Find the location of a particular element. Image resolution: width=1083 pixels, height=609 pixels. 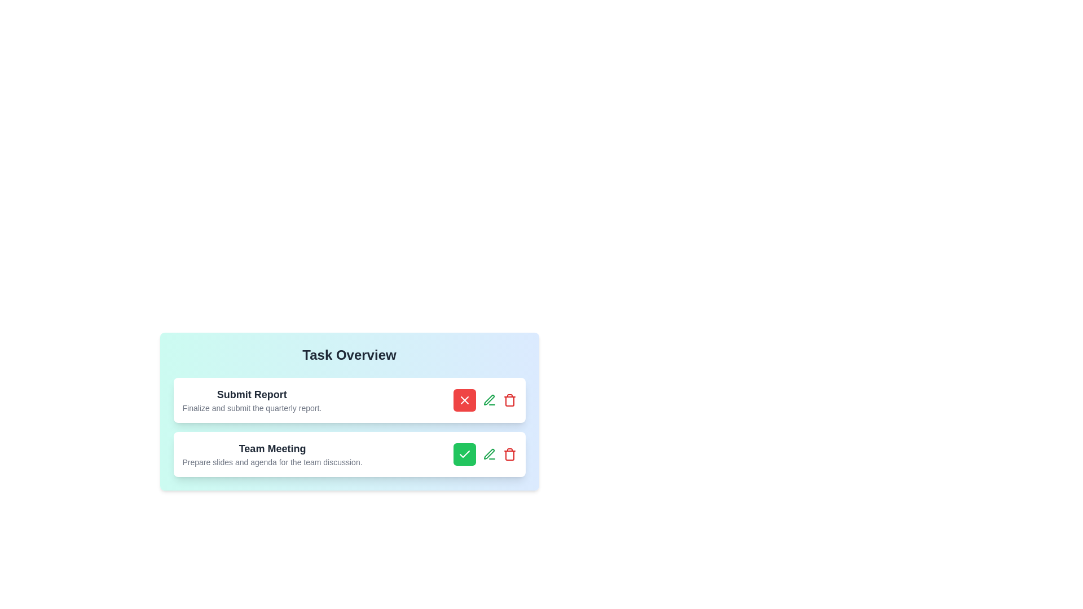

edit button for the task titled 'Team Meeting' is located at coordinates (489, 454).